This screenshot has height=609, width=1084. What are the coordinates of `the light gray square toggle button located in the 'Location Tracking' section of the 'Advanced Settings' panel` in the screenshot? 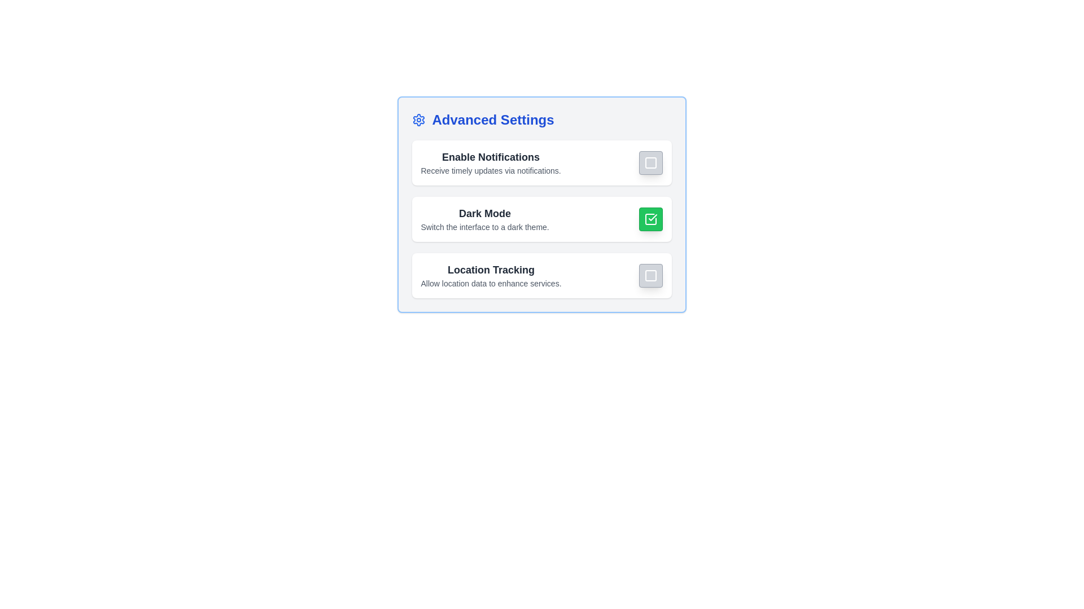 It's located at (650, 276).